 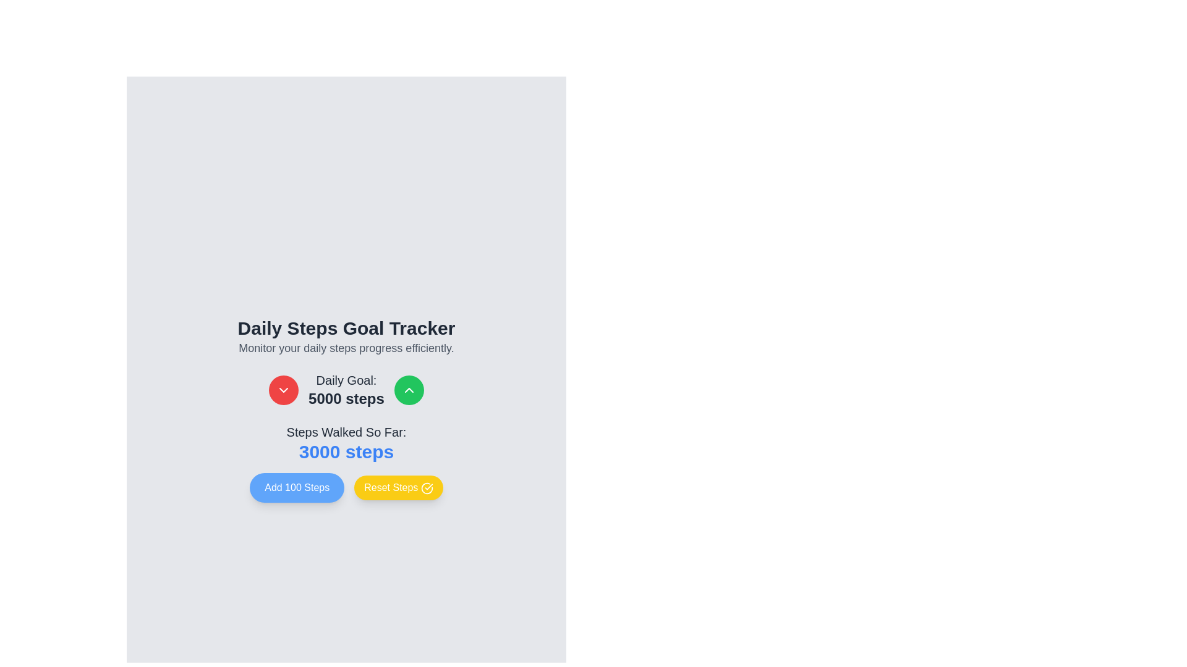 I want to click on the text label indicating the heading for the numeric value below it, which is positioned above the '5000 steps' text and centrally placed within the Daily Steps Goal Tracker section, so click(x=346, y=380).